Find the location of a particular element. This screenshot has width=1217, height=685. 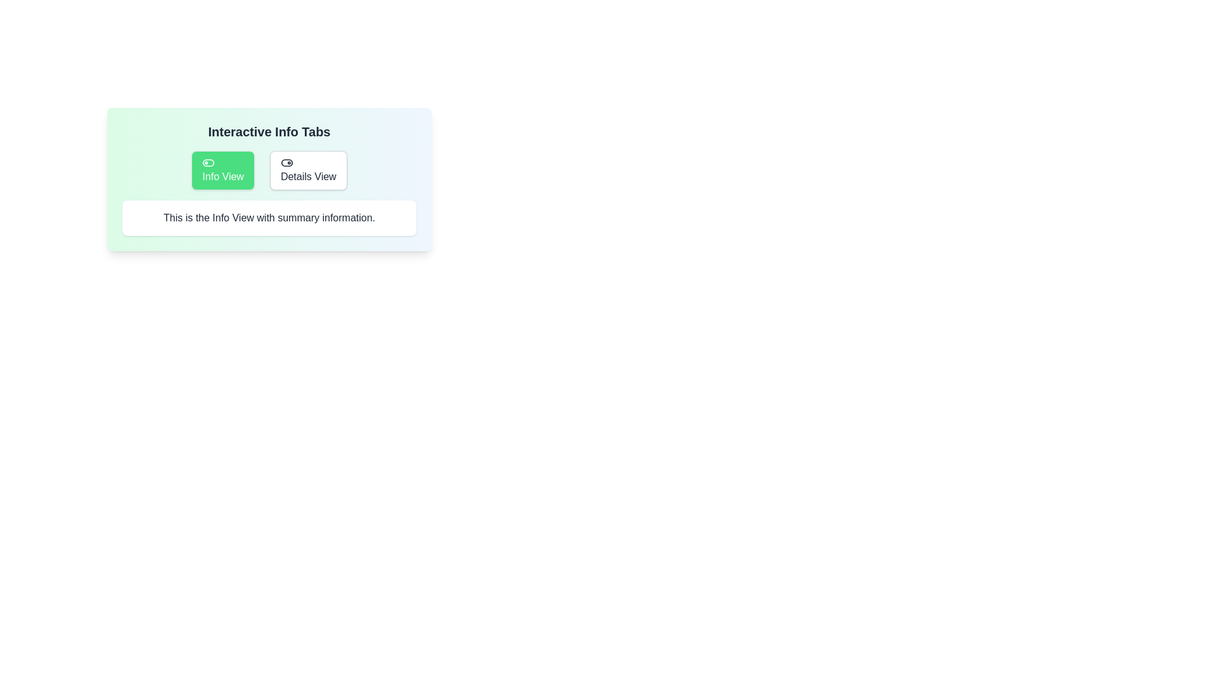

the Details View button to switch the view is located at coordinates (307, 170).